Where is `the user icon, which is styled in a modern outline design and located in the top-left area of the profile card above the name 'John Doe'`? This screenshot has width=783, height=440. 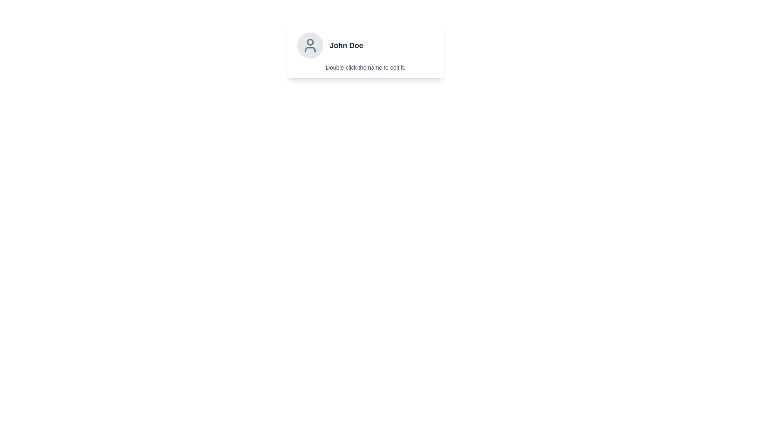
the user icon, which is styled in a modern outline design and located in the top-left area of the profile card above the name 'John Doe' is located at coordinates (310, 45).